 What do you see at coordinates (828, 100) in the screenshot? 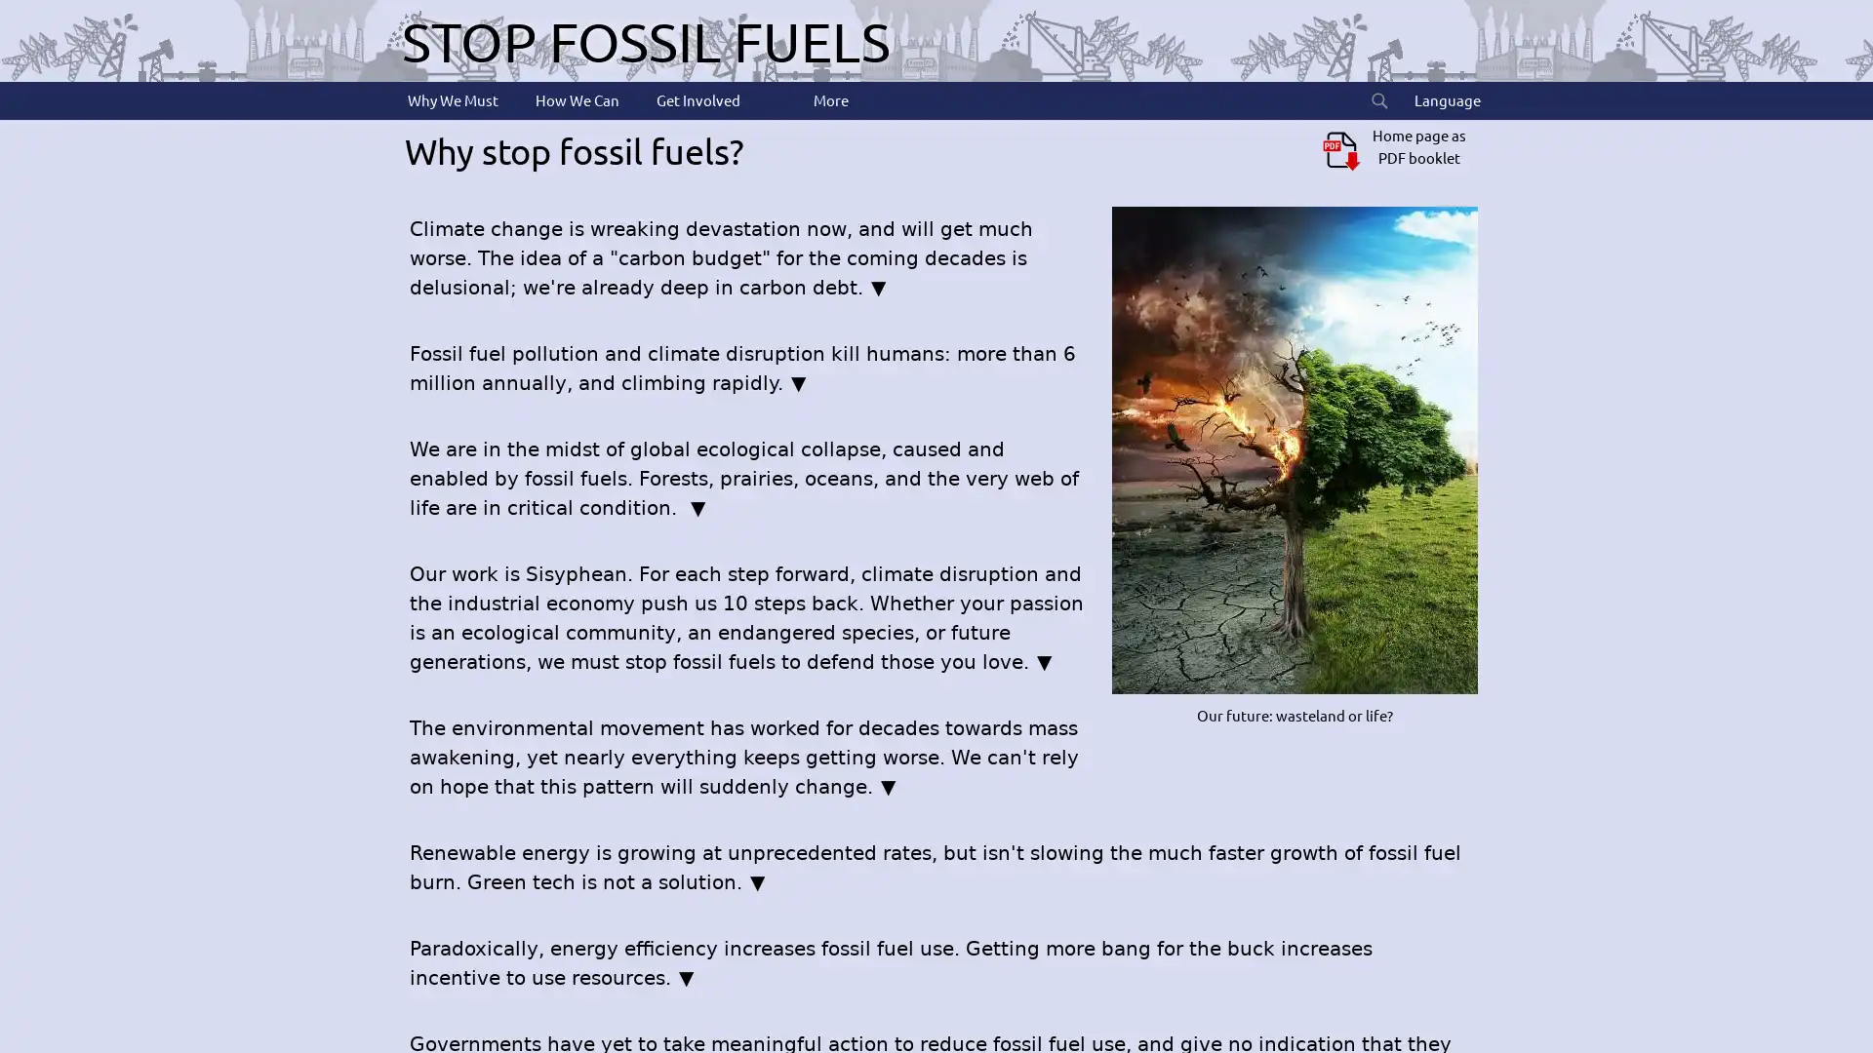
I see `More` at bounding box center [828, 100].